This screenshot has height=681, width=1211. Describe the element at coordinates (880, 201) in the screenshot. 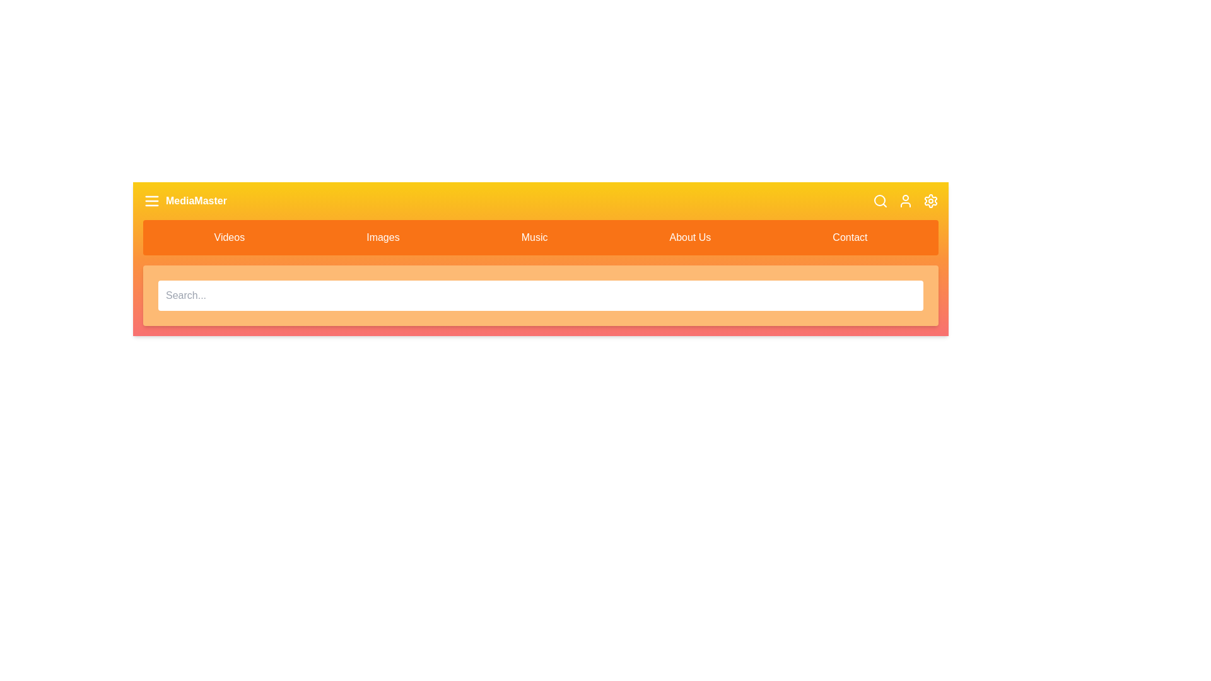

I see `the search icon to toggle the visibility of the search bar` at that location.